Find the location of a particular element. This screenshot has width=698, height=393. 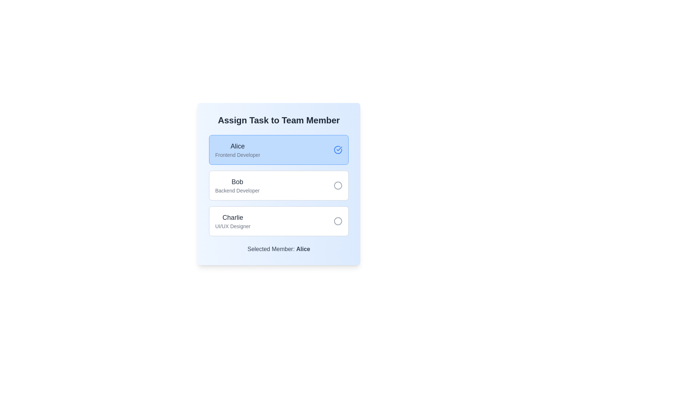

the circle graphical element representing the selection status for 'Charlie' for accessibility navigation is located at coordinates (338, 221).